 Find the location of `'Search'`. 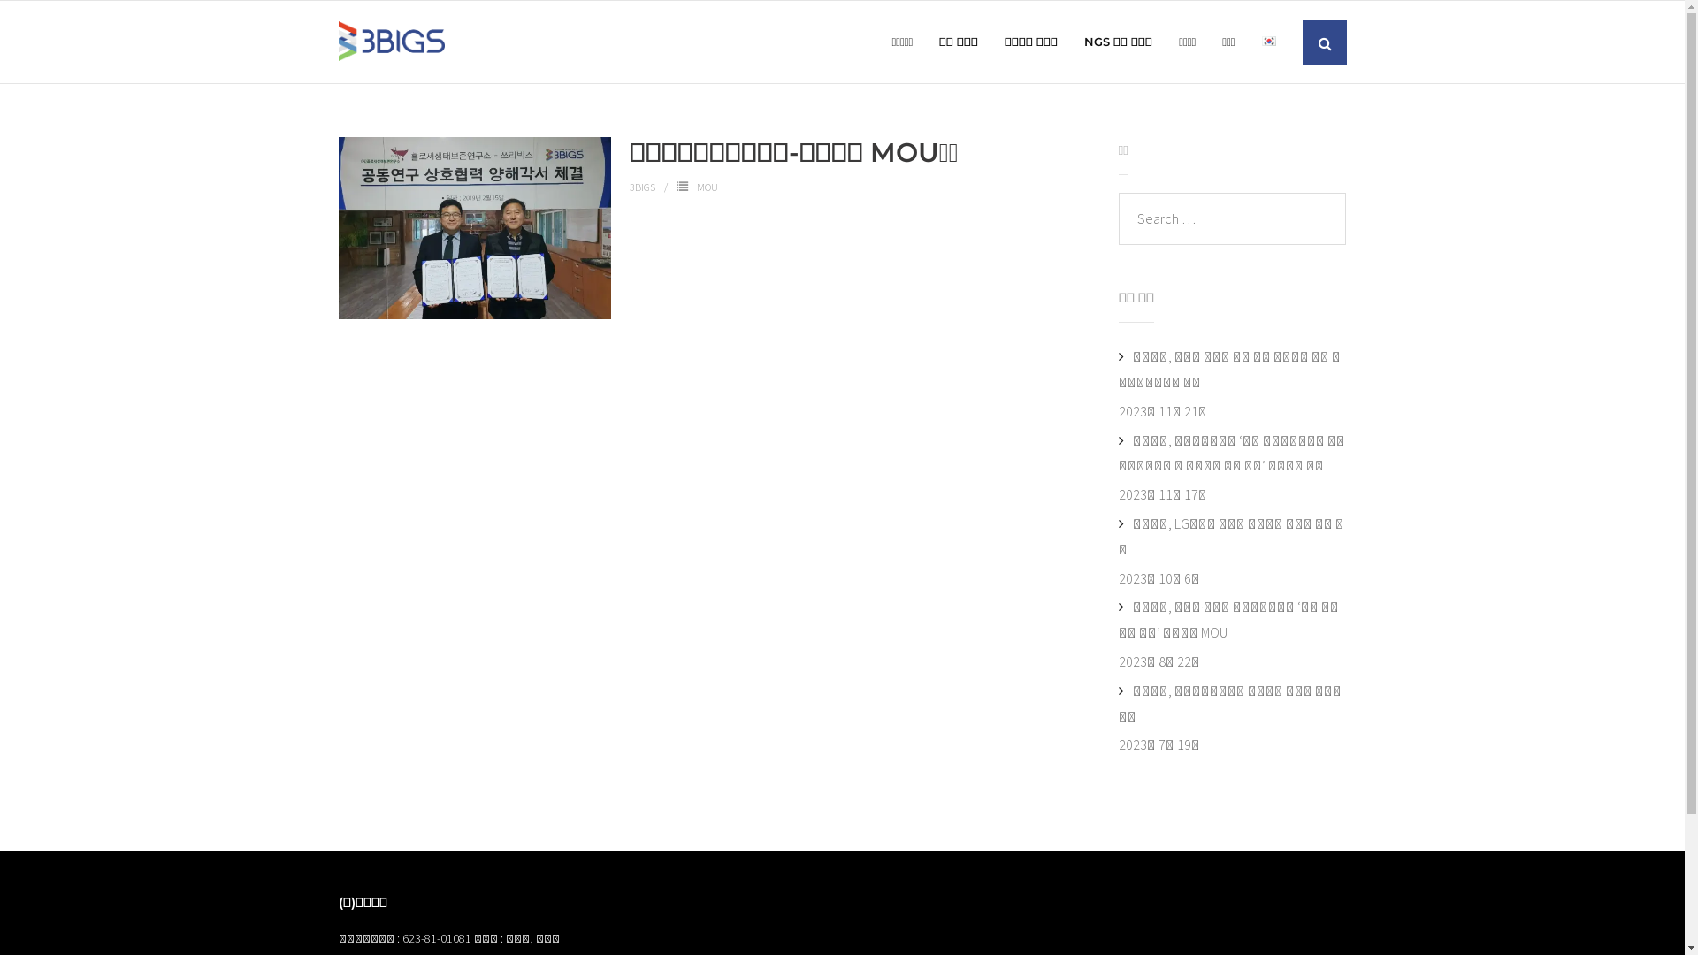

'Search' is located at coordinates (51, 26).